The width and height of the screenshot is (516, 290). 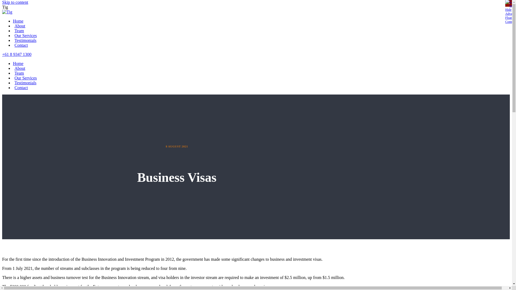 What do you see at coordinates (13, 83) in the screenshot?
I see `'Testimonials'` at bounding box center [13, 83].